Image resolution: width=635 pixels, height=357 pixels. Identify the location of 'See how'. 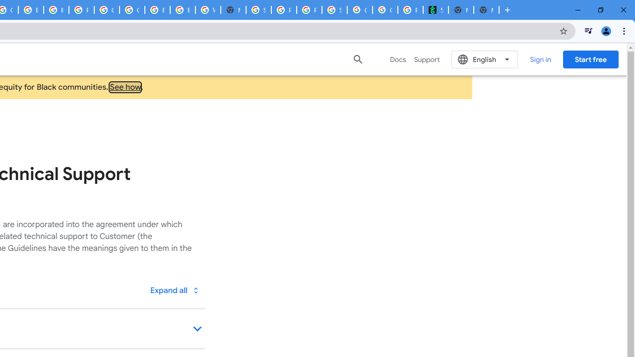
(125, 87).